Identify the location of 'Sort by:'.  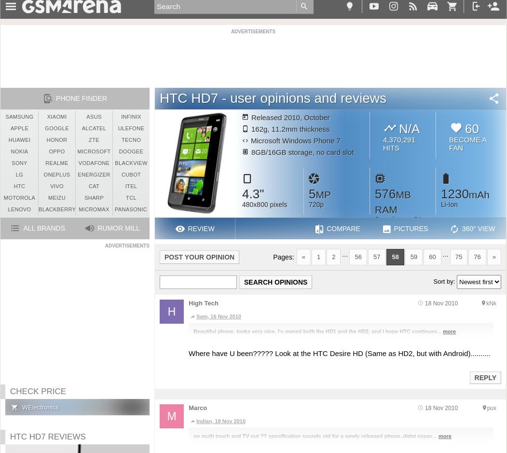
(433, 281).